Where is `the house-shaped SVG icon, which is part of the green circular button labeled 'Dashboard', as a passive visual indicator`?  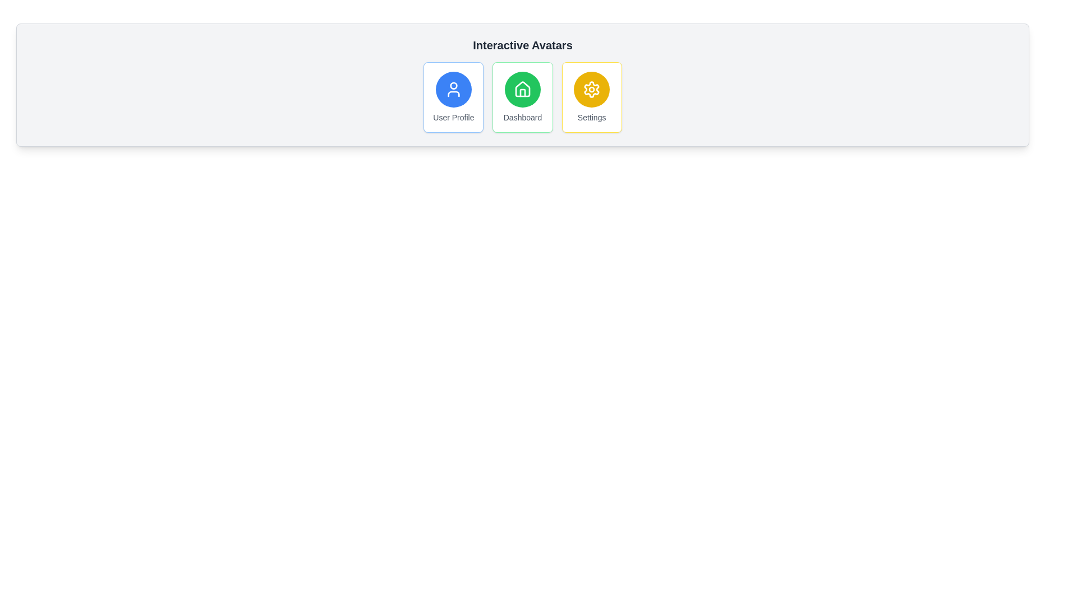
the house-shaped SVG icon, which is part of the green circular button labeled 'Dashboard', as a passive visual indicator is located at coordinates (522, 89).